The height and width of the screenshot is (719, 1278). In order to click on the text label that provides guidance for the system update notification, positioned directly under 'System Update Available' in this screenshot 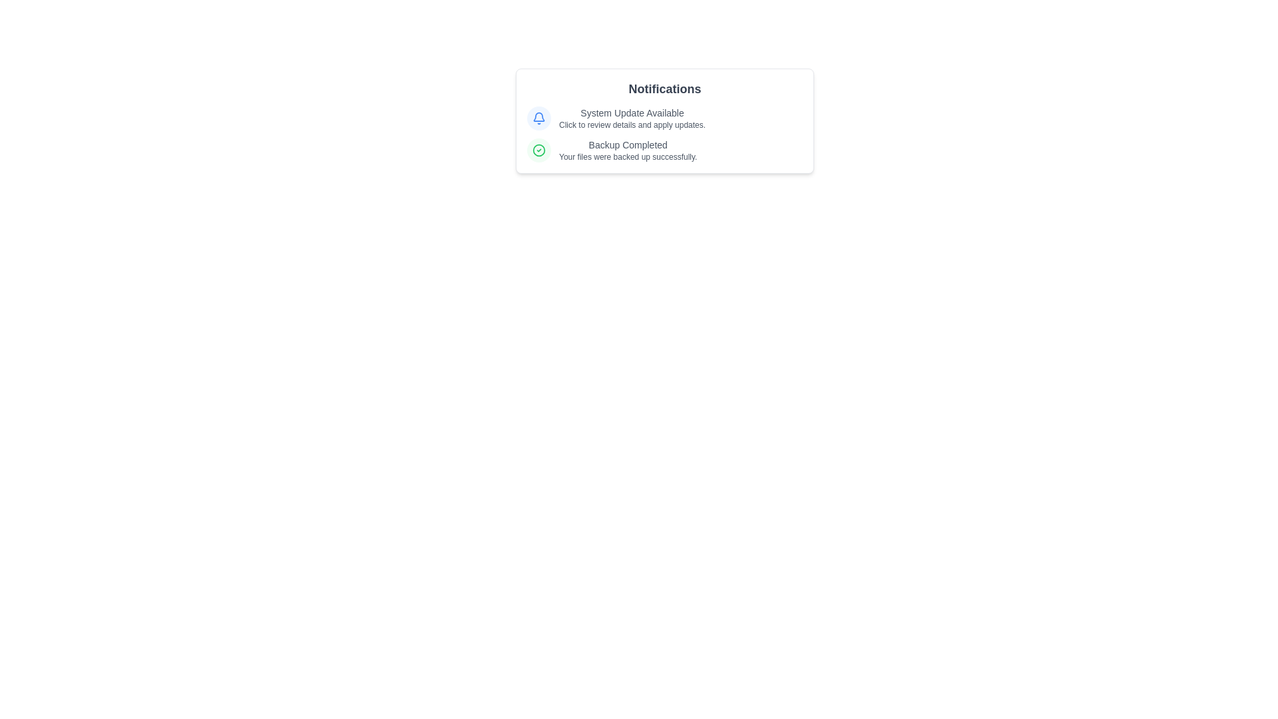, I will do `click(632, 125)`.